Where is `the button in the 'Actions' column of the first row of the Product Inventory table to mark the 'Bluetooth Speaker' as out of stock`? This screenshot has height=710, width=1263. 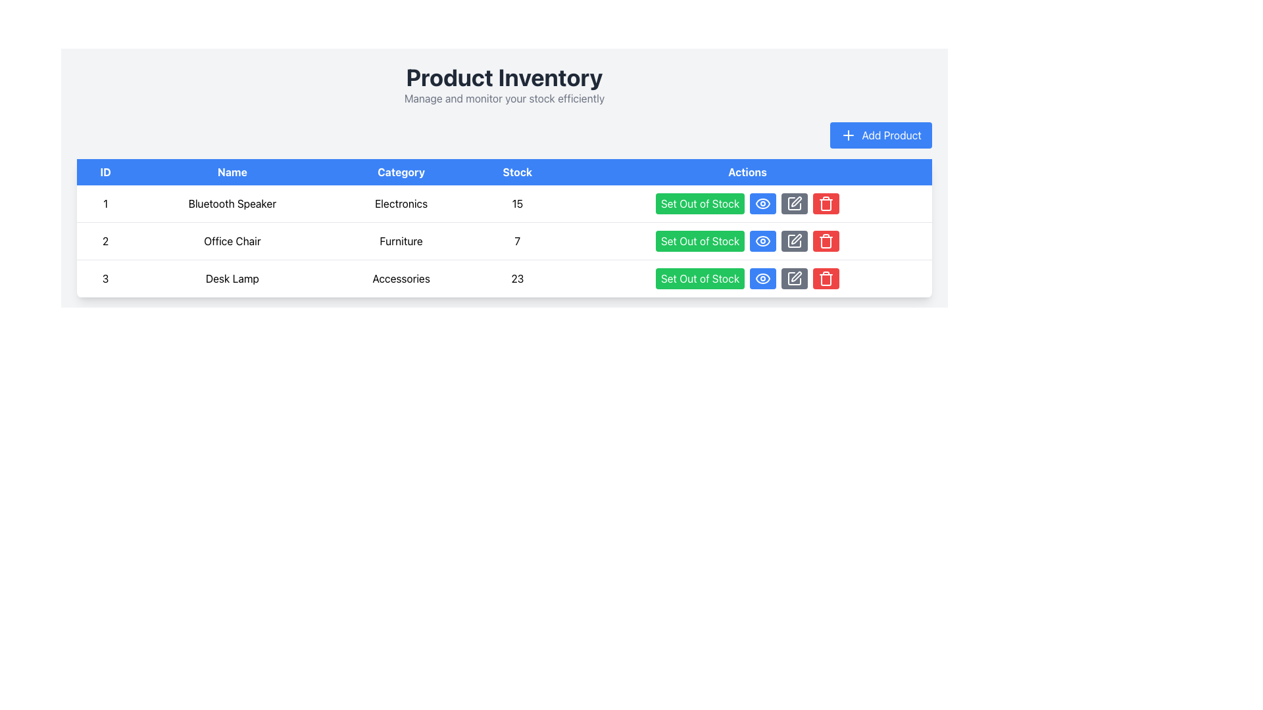
the button in the 'Actions' column of the first row of the Product Inventory table to mark the 'Bluetooth Speaker' as out of stock is located at coordinates (747, 203).